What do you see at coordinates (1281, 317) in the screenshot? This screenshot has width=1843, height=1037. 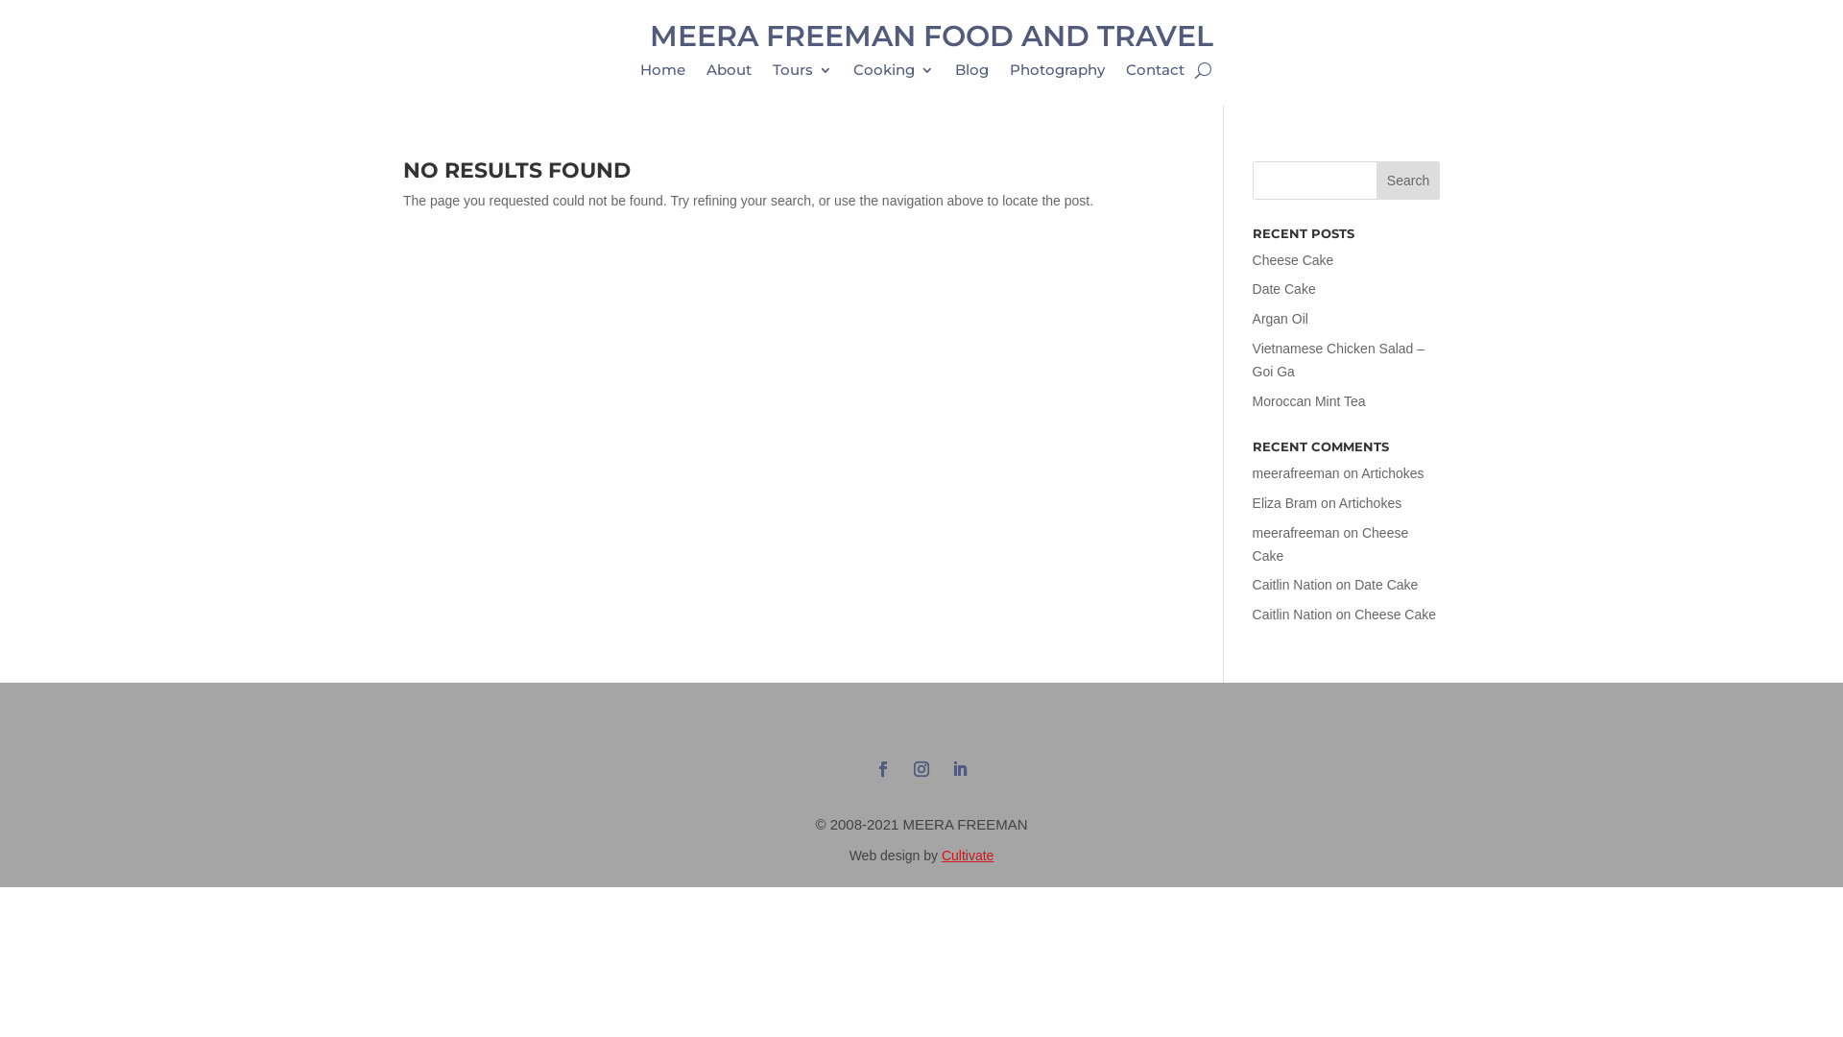 I see `'Argan Oil'` at bounding box center [1281, 317].